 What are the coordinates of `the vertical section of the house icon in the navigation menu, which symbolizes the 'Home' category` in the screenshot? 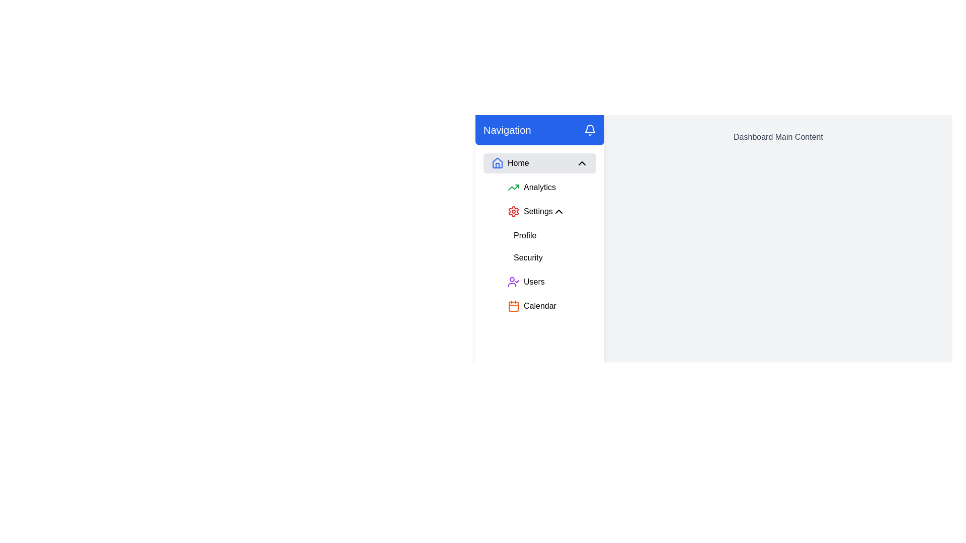 It's located at (497, 165).